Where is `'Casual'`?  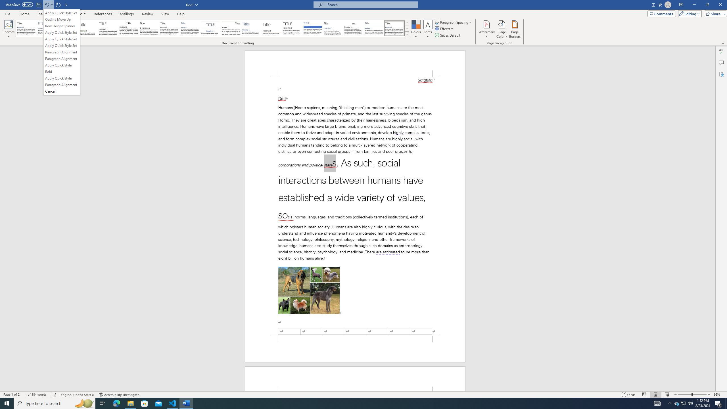 'Casual' is located at coordinates (190, 28).